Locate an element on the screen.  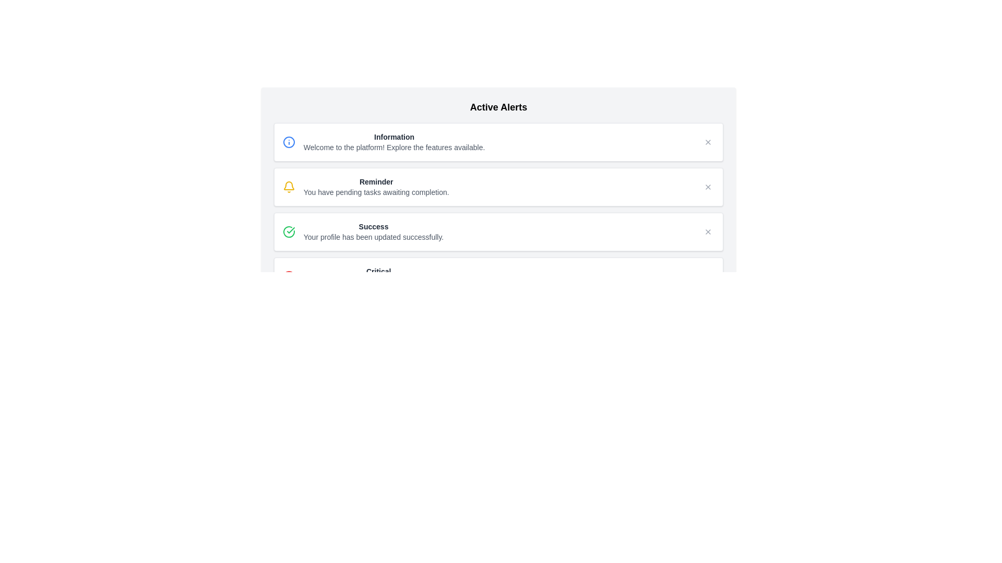
critical notification message in the fourth alert of the list, which prompts the user to verify their email for full platform access is located at coordinates (378, 276).